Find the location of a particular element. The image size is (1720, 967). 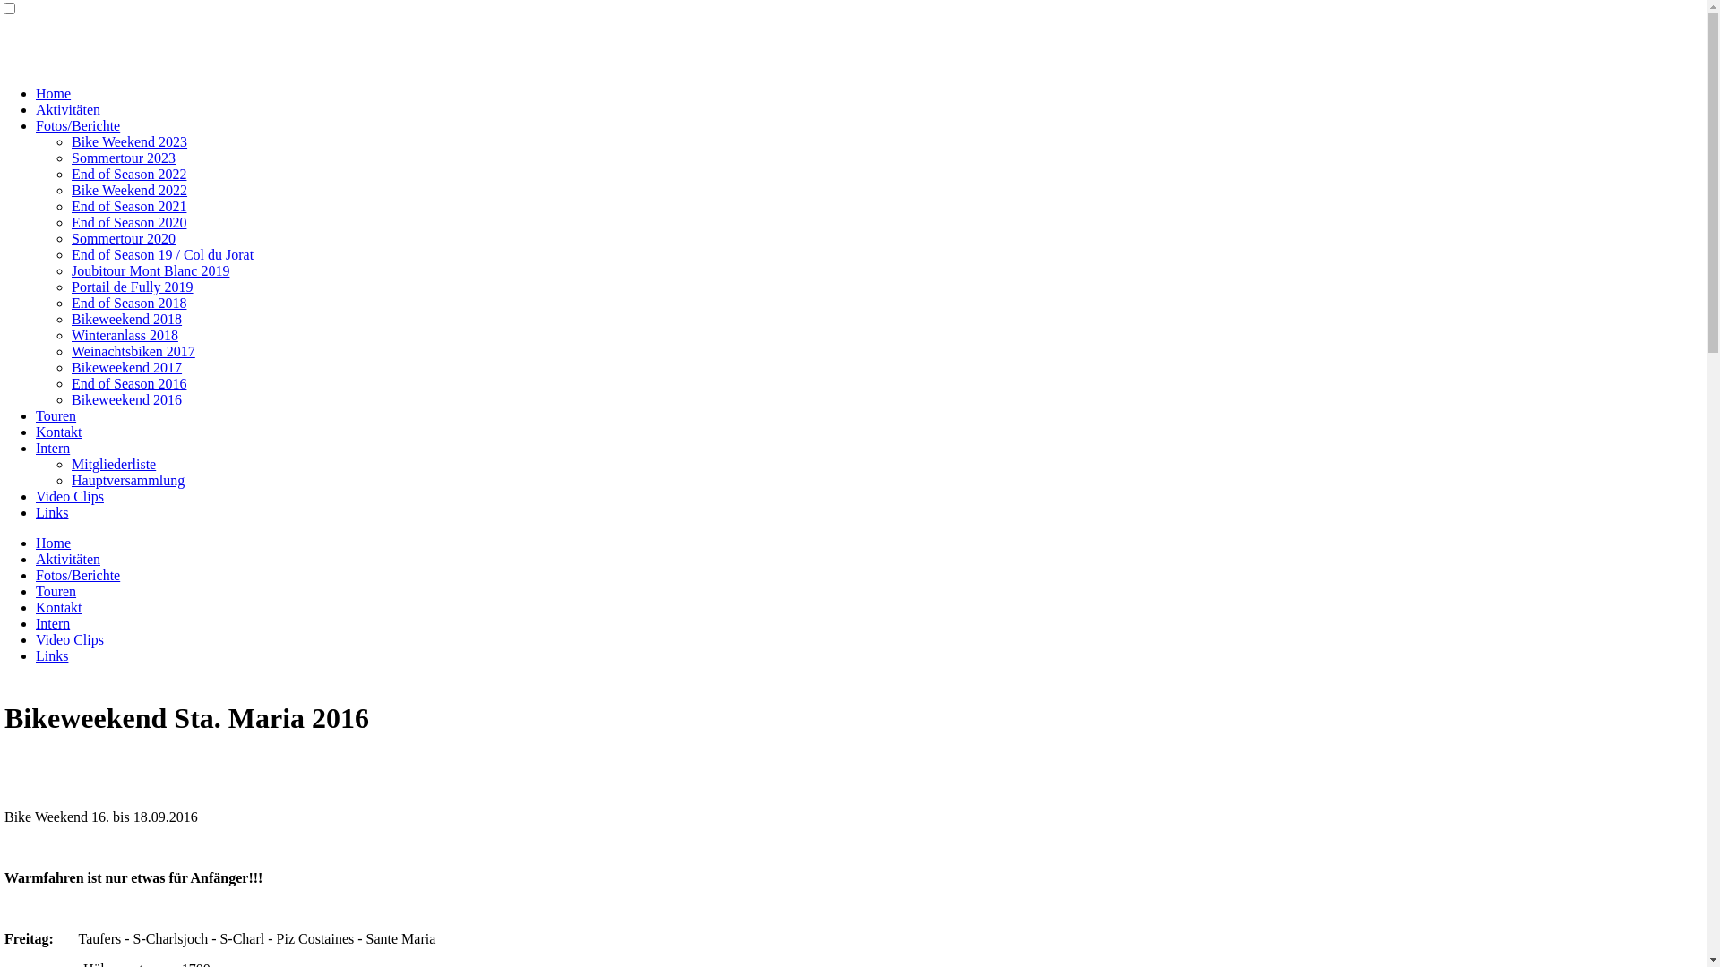

'End of Season 2021' is located at coordinates (128, 205).